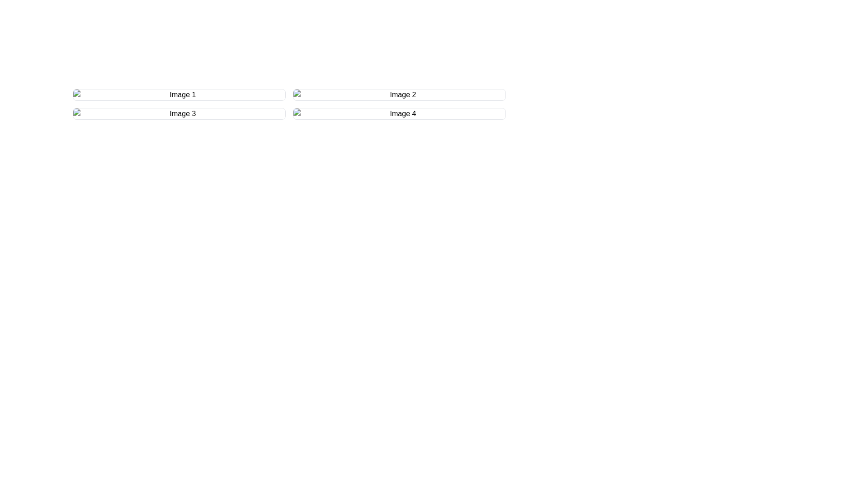 This screenshot has height=488, width=868. I want to click on the fourth interactive card in a 2x2 grid layout, so click(399, 113).